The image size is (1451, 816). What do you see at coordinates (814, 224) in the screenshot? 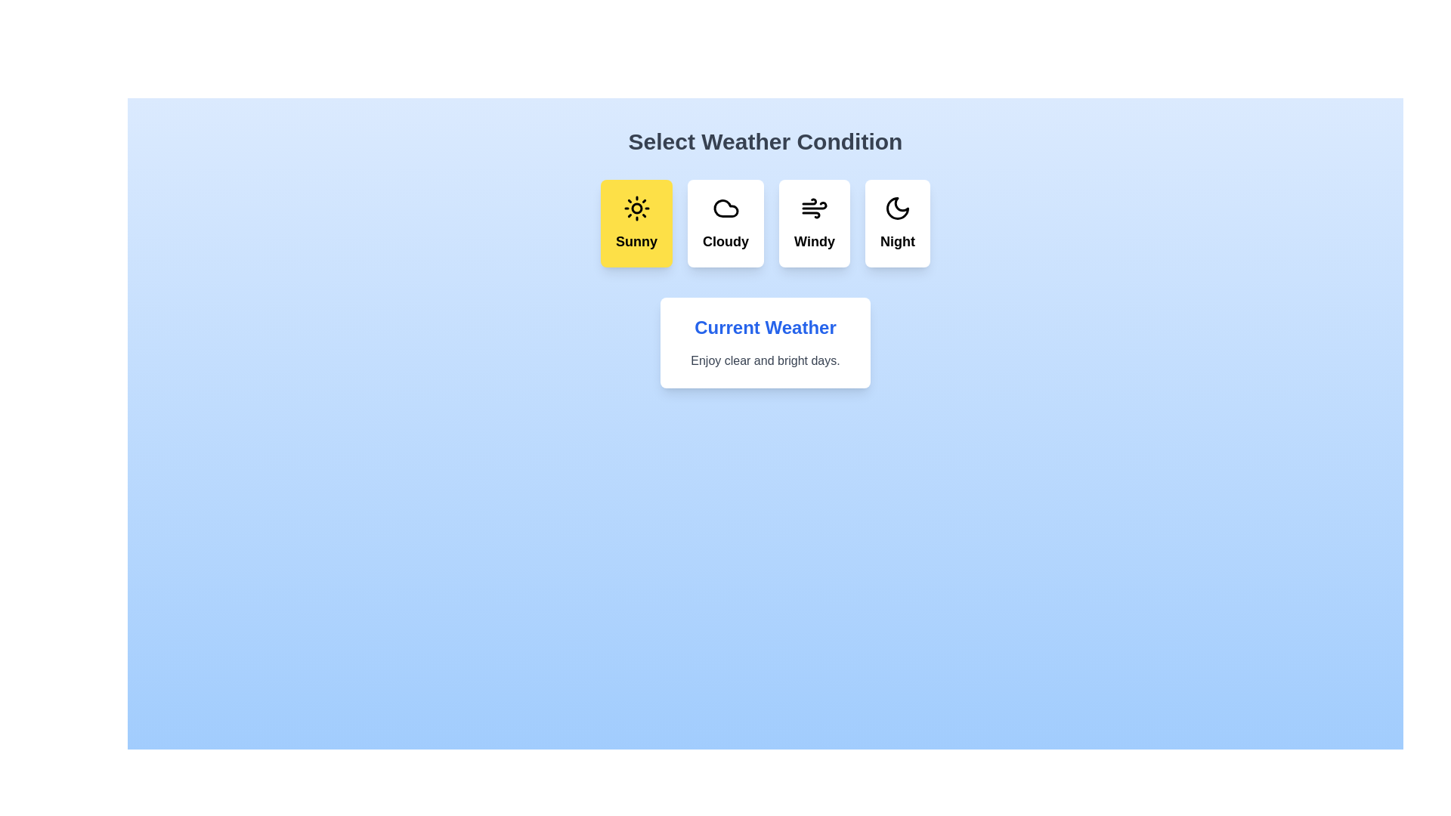
I see `the weather condition Windy by clicking its corresponding button` at bounding box center [814, 224].